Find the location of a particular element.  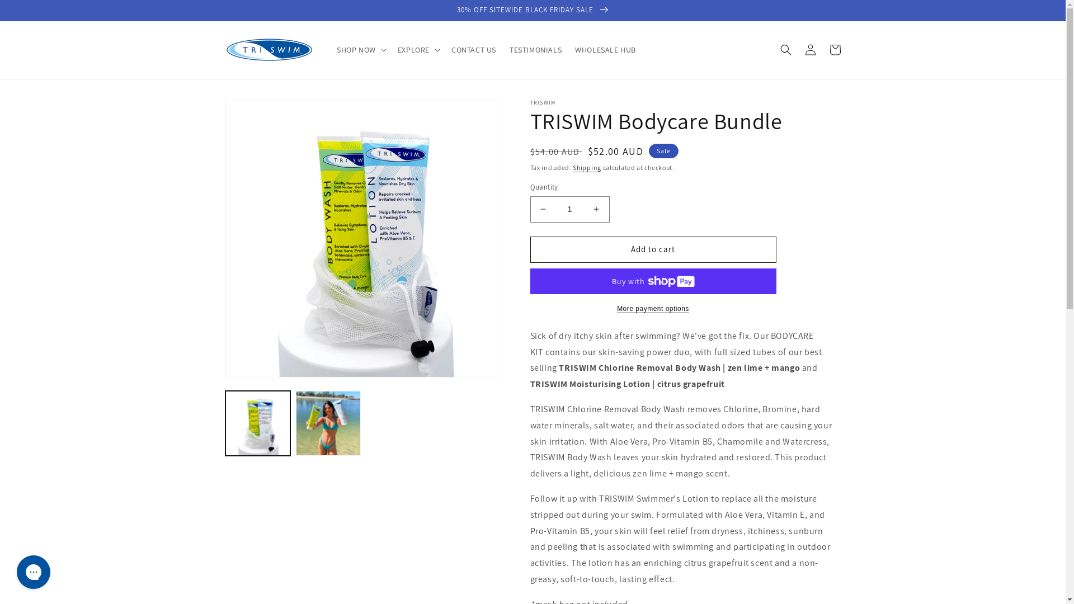

'WHOLESALE HUB' is located at coordinates (605, 49).